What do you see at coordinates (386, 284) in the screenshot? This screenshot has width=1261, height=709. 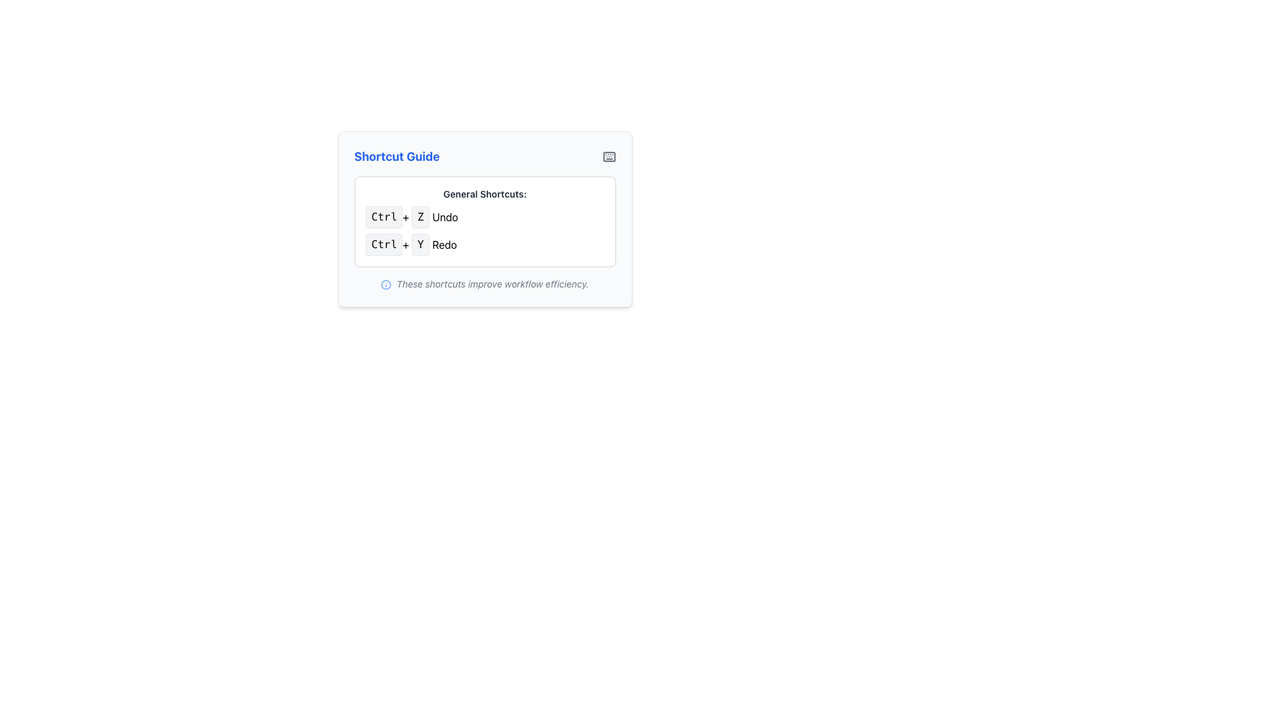 I see `the central circle SVG element located within the top-right icon of the rectangular panel` at bounding box center [386, 284].